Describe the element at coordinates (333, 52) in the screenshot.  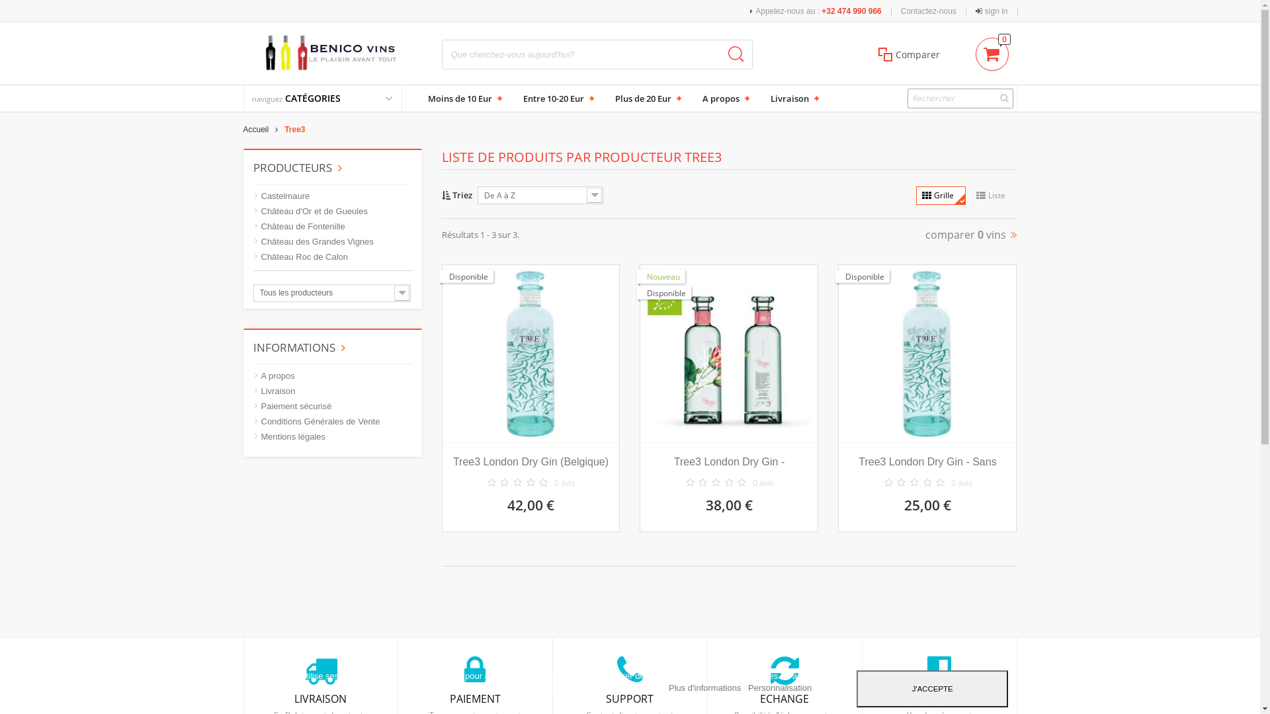
I see `'BENICO vins srl'` at that location.